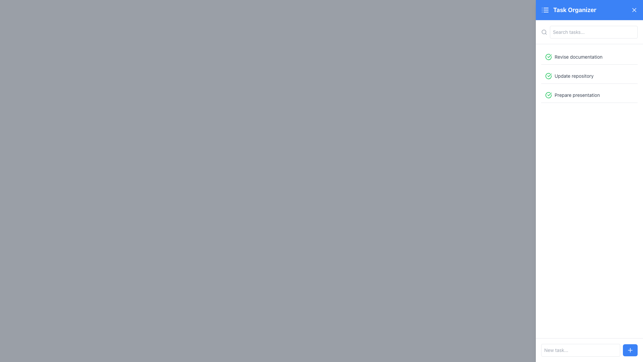  Describe the element at coordinates (568, 10) in the screenshot. I see `the Header title with an accompanying icon located at the top-left side of the blue header section, to the left of the closing button marked with an 'X'` at that location.